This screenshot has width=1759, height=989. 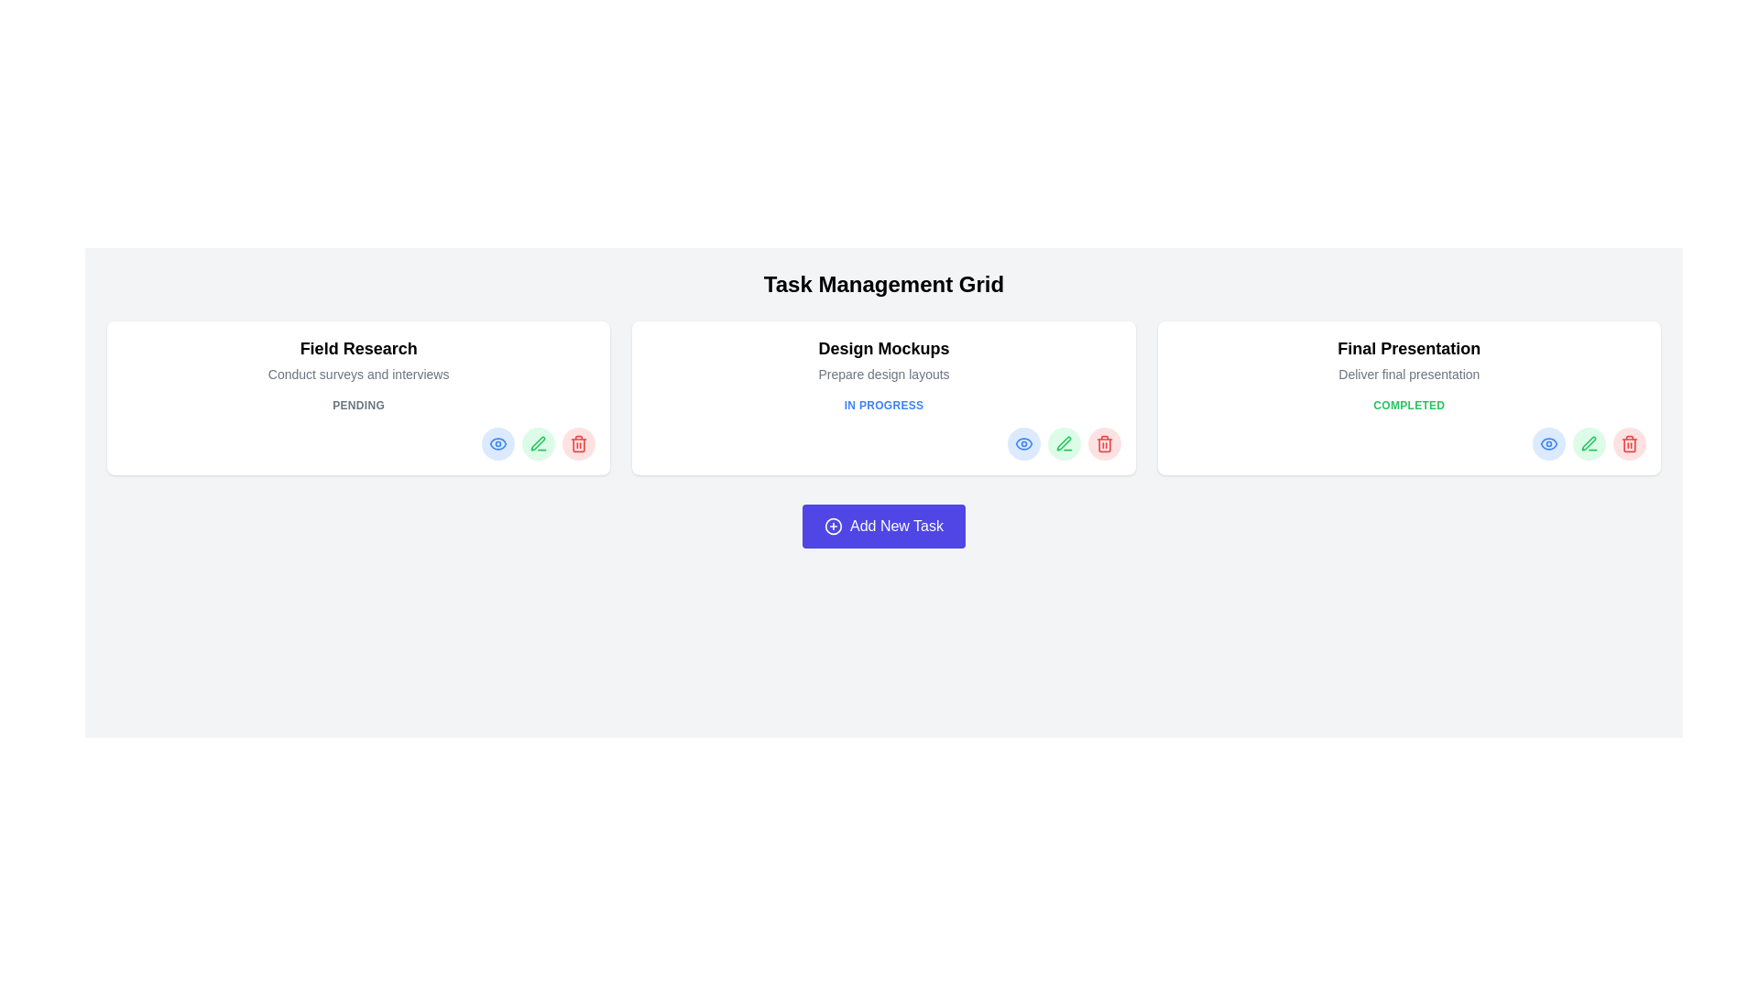 What do you see at coordinates (883, 349) in the screenshot?
I see `the text label 'Design Mockups', which is styled in bold and large font, located at the top of the second card in the grid layout` at bounding box center [883, 349].